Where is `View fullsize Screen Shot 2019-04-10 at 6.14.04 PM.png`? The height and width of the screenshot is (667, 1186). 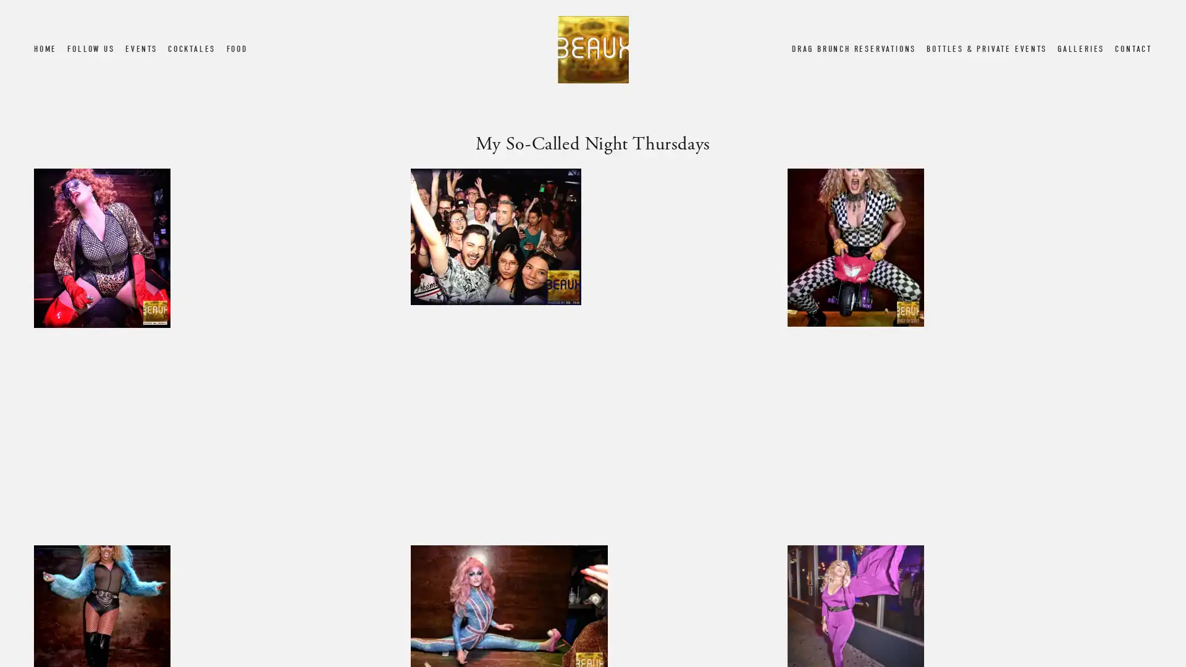 View fullsize Screen Shot 2019-04-10 at 6.14.04 PM.png is located at coordinates (969, 350).